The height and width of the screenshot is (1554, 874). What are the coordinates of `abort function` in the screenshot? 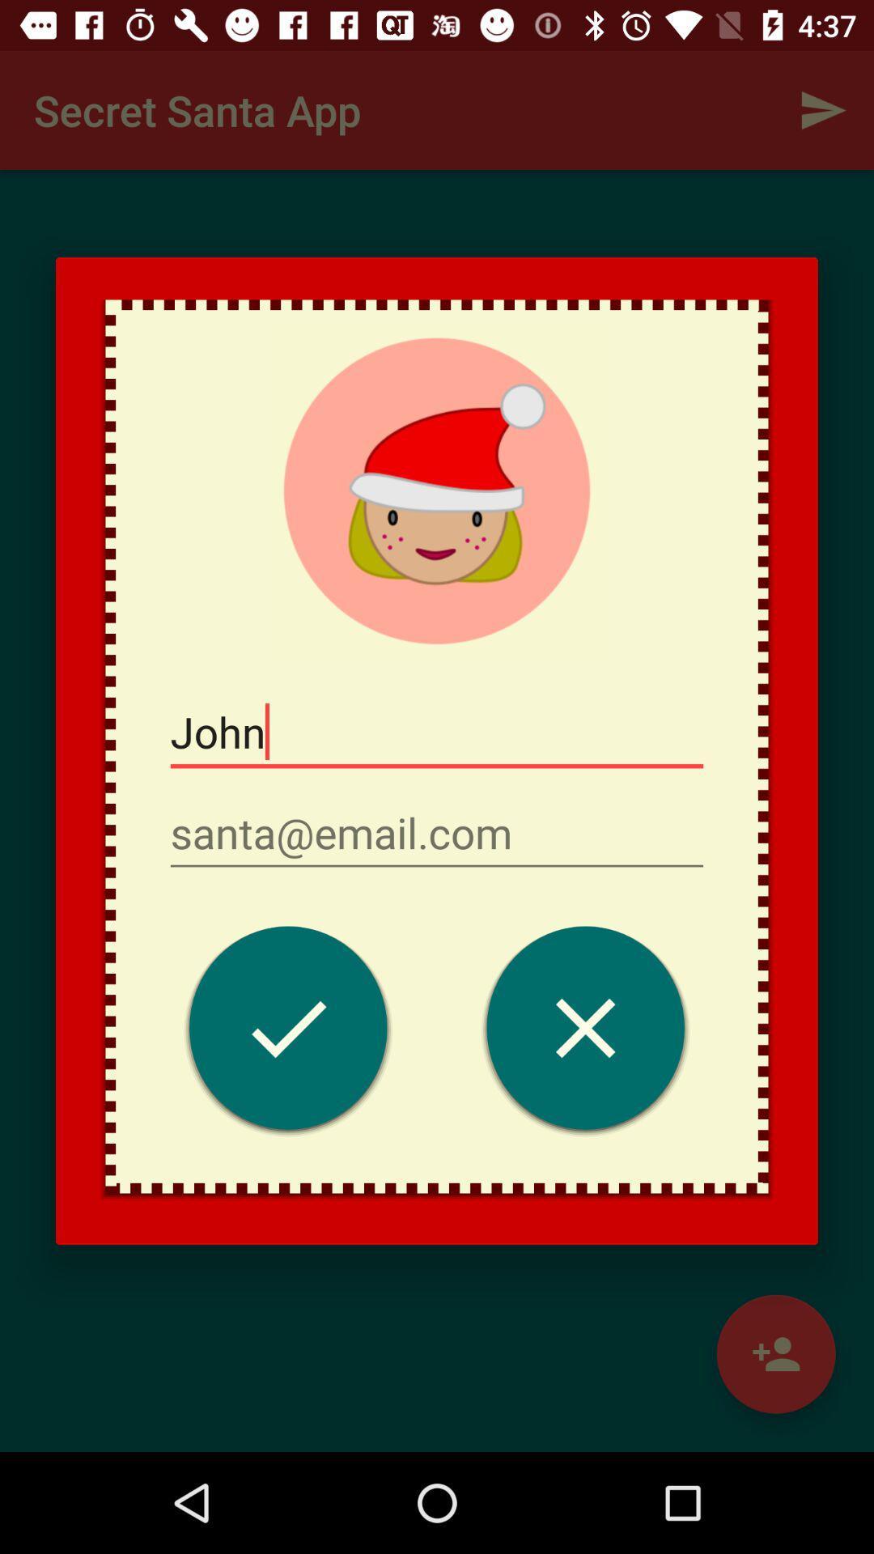 It's located at (585, 1031).